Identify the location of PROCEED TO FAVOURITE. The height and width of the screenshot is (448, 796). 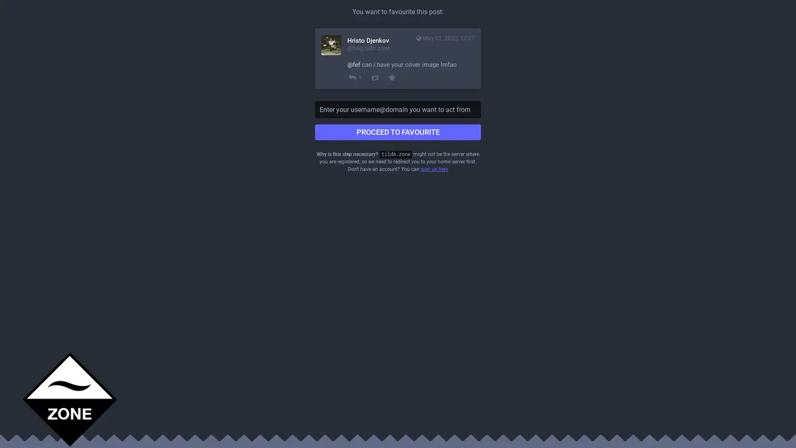
(398, 132).